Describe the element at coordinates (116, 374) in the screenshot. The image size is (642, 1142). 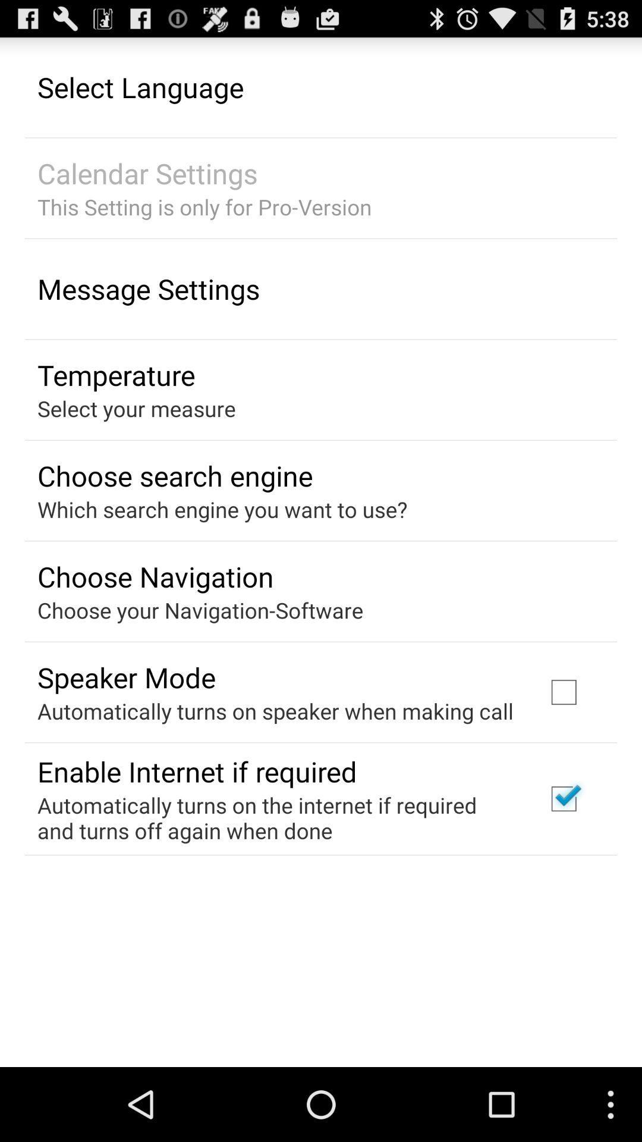
I see `the temperature app` at that location.